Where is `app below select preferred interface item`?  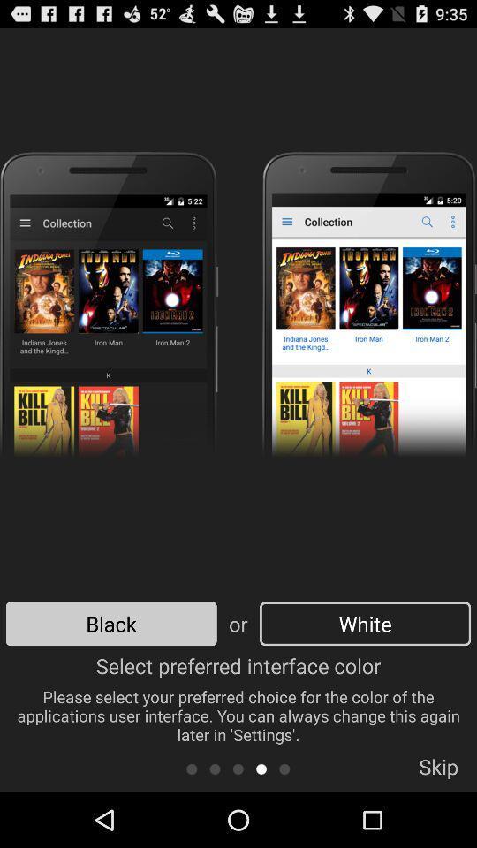 app below select preferred interface item is located at coordinates (261, 768).